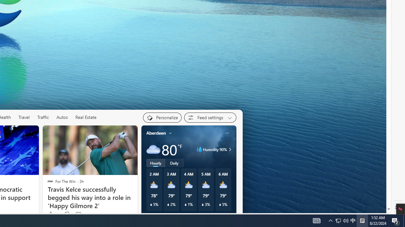 The image size is (405, 227). What do you see at coordinates (230, 149) in the screenshot?
I see `'Class: weather-arrow-glyph'` at bounding box center [230, 149].